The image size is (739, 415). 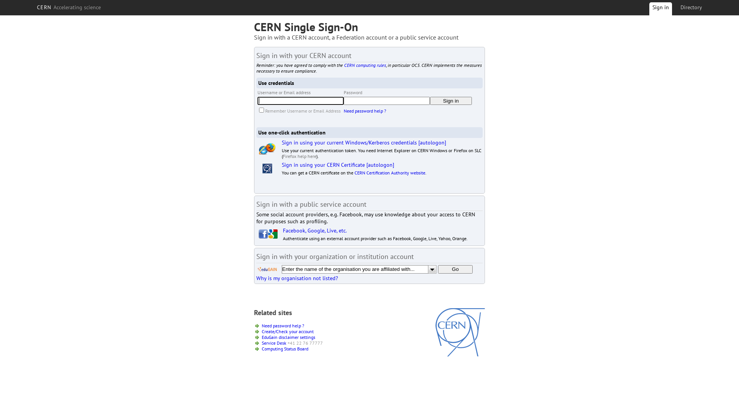 What do you see at coordinates (287, 331) in the screenshot?
I see `'Create/Check your account'` at bounding box center [287, 331].